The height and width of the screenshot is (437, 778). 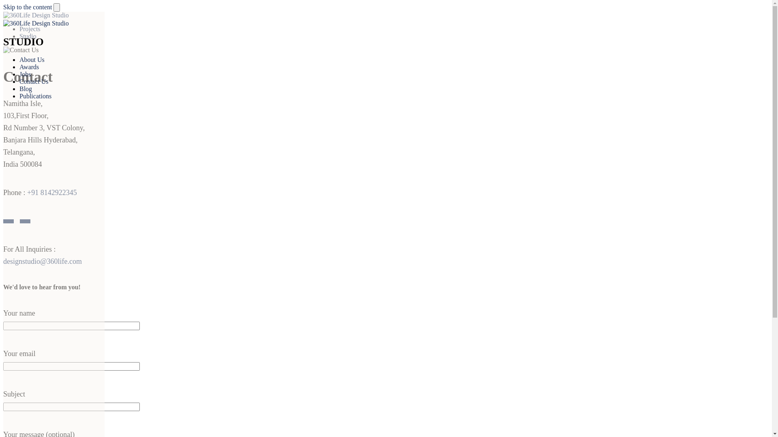 What do you see at coordinates (25, 74) in the screenshot?
I see `'Jobs'` at bounding box center [25, 74].